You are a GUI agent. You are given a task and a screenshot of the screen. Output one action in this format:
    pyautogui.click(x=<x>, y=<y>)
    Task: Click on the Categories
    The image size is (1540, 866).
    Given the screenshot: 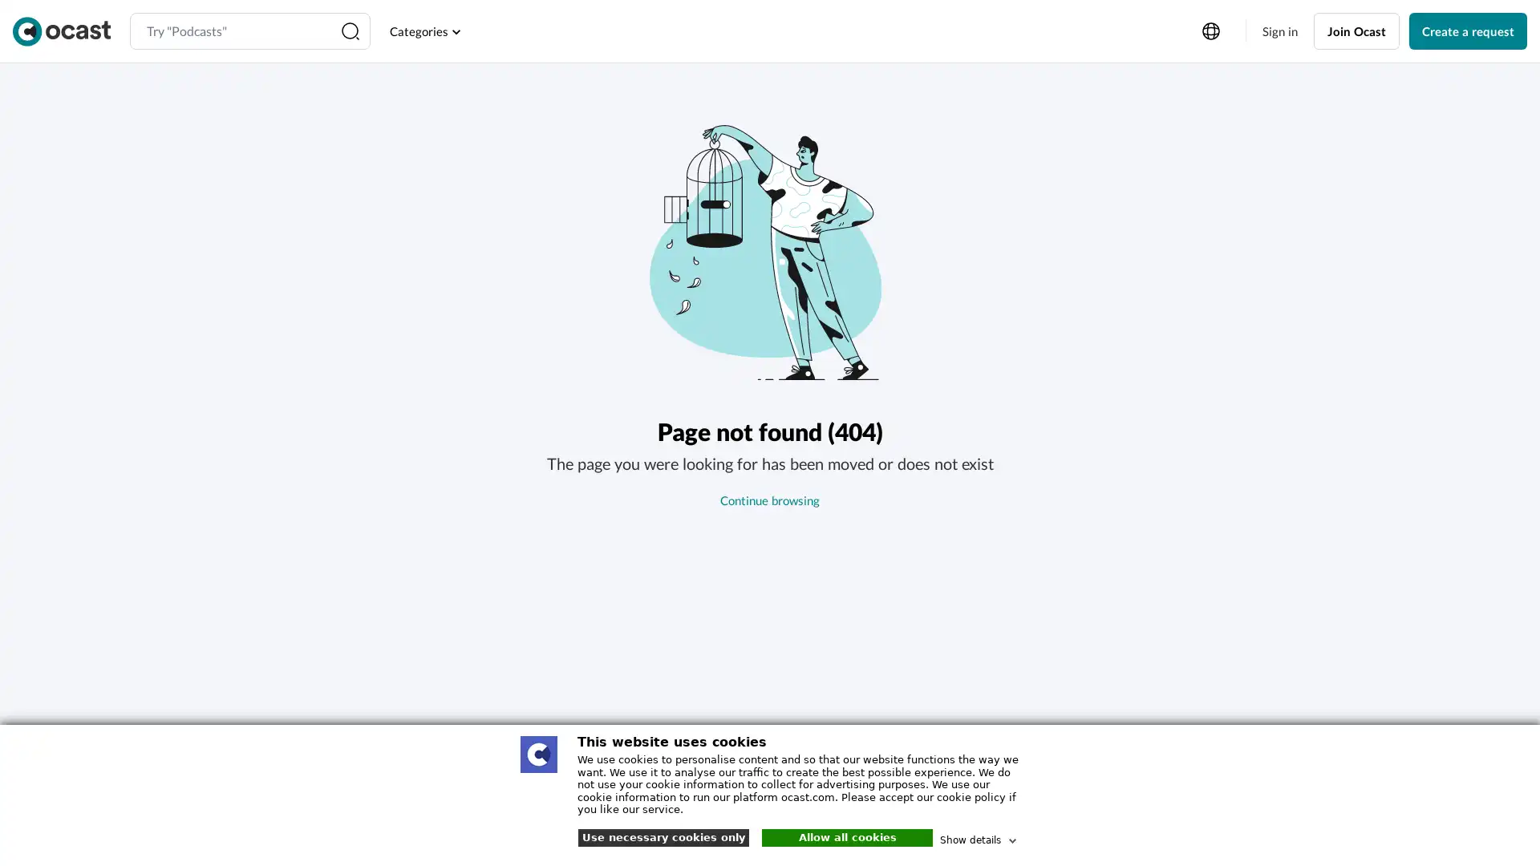 What is the action you would take?
    pyautogui.click(x=427, y=30)
    